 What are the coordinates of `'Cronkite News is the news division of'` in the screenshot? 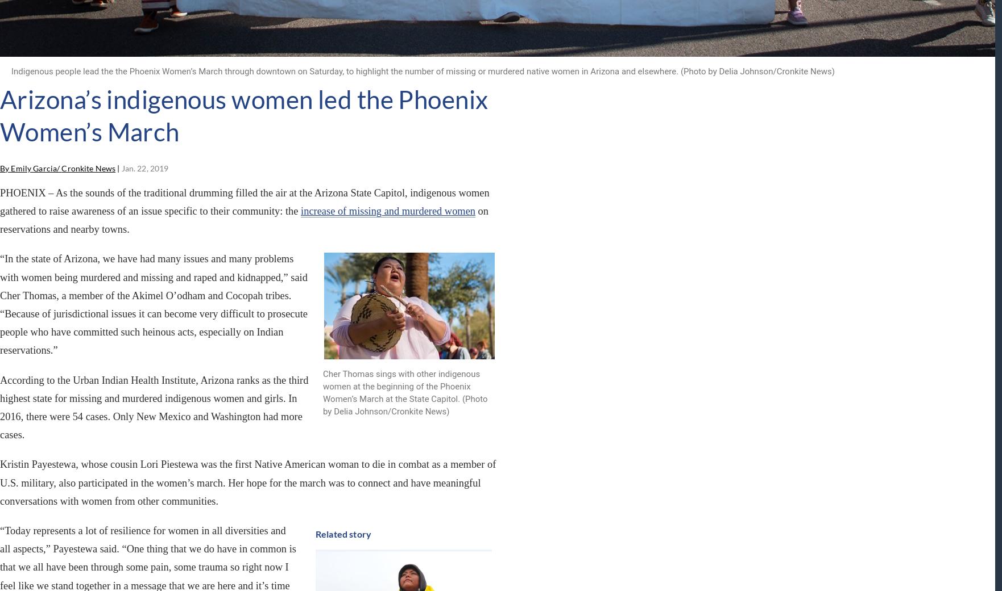 It's located at (187, 412).